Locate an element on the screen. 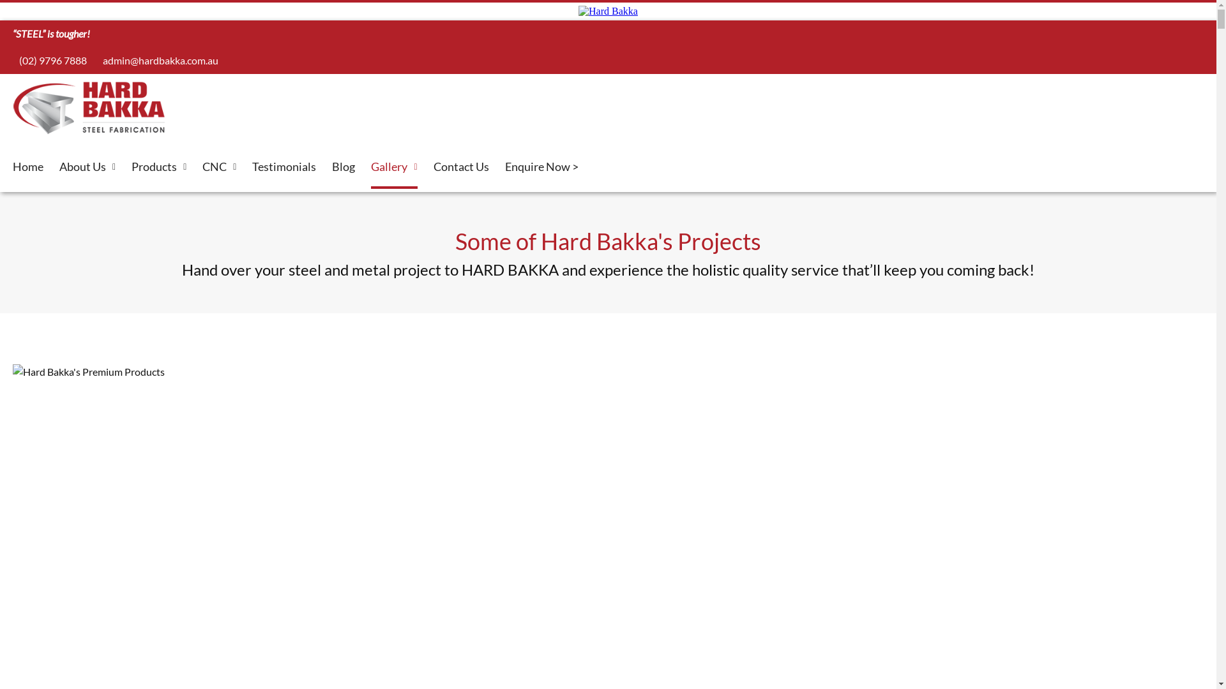  'admin@hardbakka.com.au' is located at coordinates (95, 60).